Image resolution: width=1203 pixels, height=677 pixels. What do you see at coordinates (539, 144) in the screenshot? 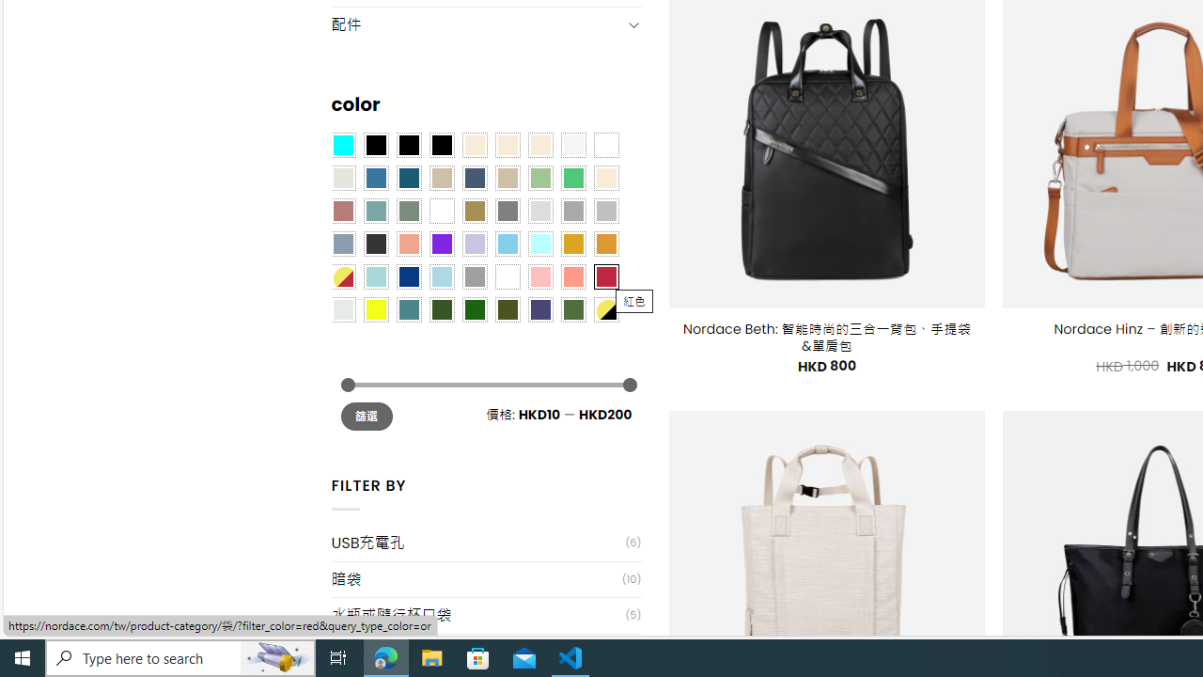
I see `'Cream'` at bounding box center [539, 144].